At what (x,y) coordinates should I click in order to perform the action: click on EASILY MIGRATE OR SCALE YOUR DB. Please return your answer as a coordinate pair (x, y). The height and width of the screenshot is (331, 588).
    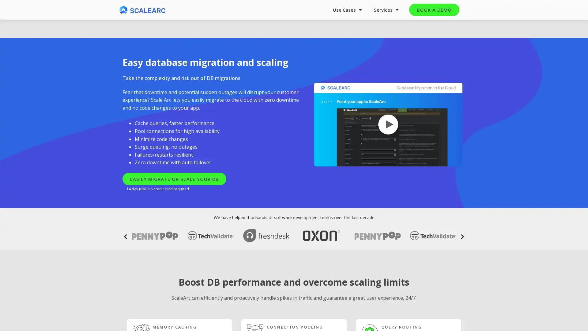
    Looking at the image, I should click on (174, 178).